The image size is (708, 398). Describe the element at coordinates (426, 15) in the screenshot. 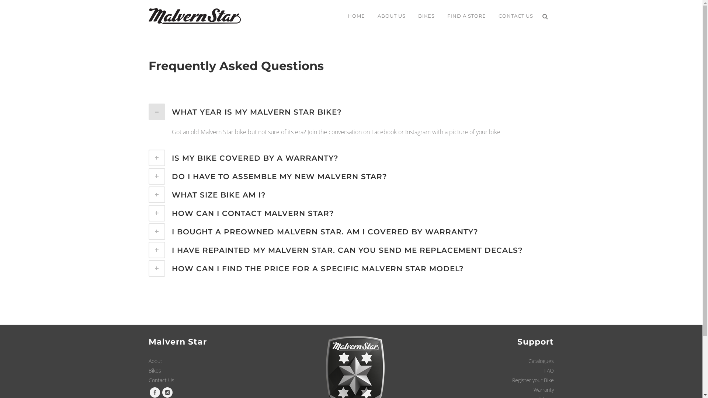

I see `'BIKES'` at that location.